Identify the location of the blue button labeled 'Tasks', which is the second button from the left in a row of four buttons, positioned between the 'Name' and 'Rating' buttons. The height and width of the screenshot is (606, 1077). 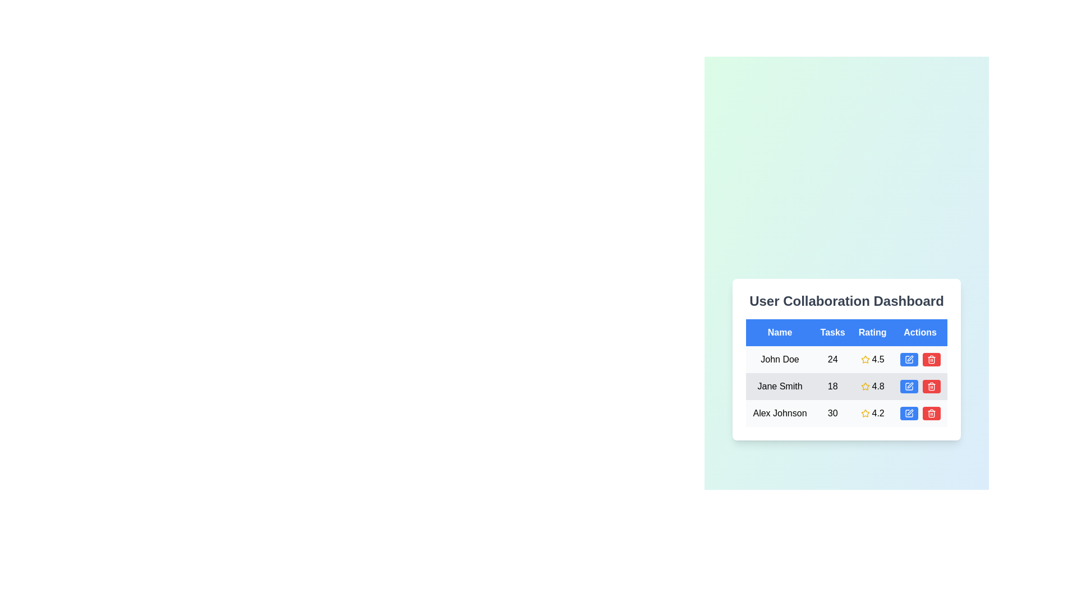
(832, 332).